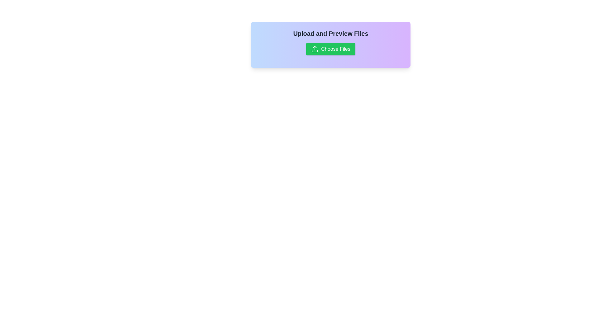 The width and height of the screenshot is (598, 336). I want to click on the 'Choose Files' text label, which is styled with a white font on a rounded green button, located on the right-hand side of an upload icon, so click(335, 49).